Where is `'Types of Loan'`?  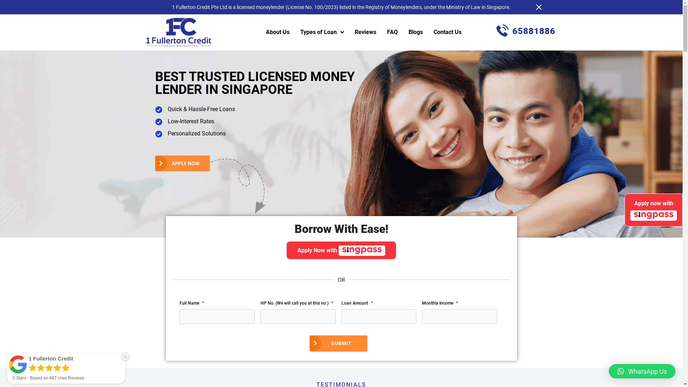 'Types of Loan' is located at coordinates (321, 32).